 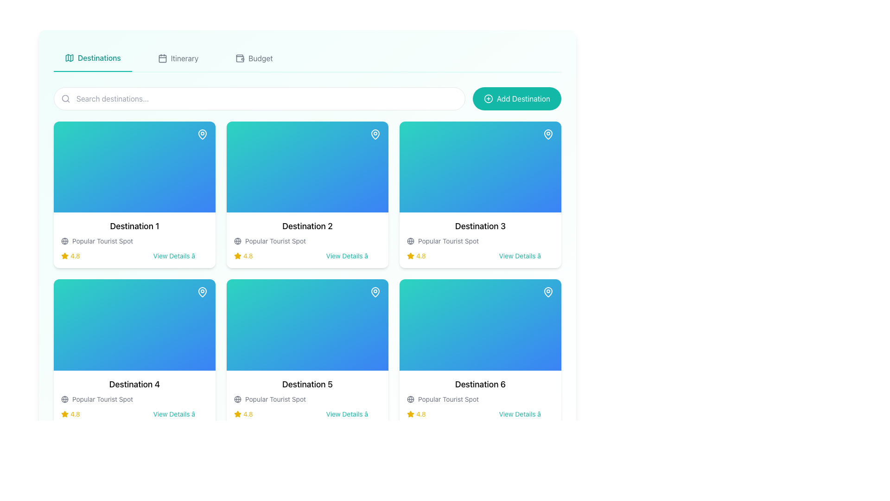 I want to click on the map pin icon with rounded edges and white strokes located in the top-right corner of the blue card labeled 'Destination 2' in the grid layout, so click(x=375, y=134).